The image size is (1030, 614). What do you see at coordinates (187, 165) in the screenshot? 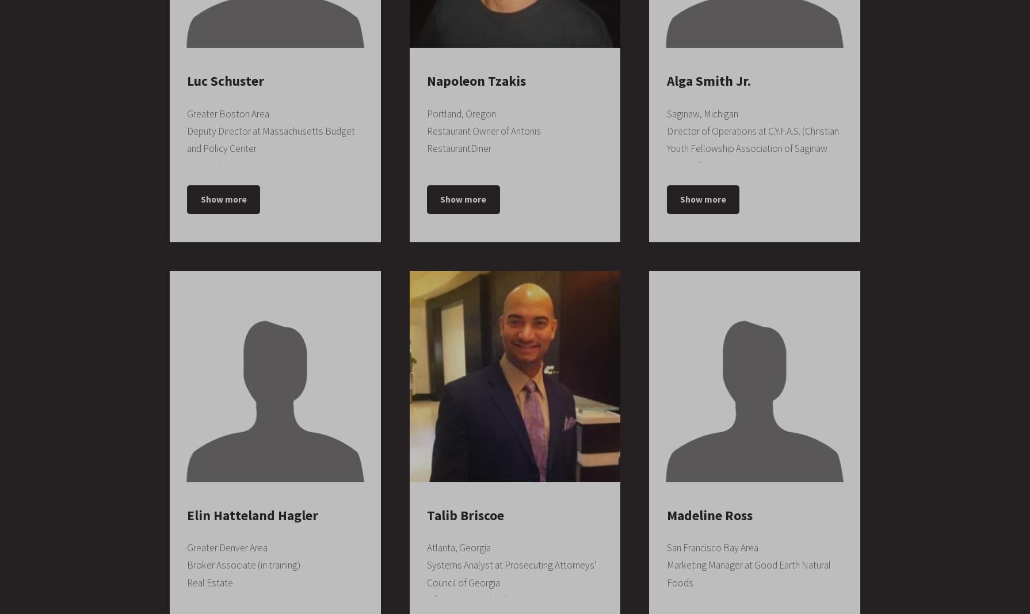
I see `'Research'` at bounding box center [187, 165].